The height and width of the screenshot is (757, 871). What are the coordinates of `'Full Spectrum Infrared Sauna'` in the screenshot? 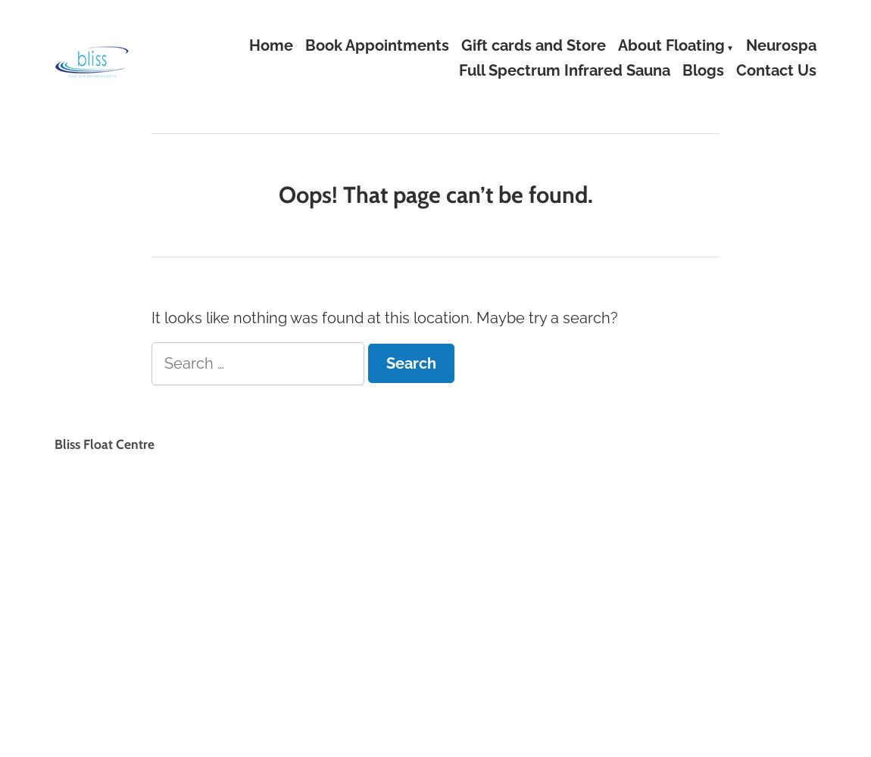 It's located at (563, 70).